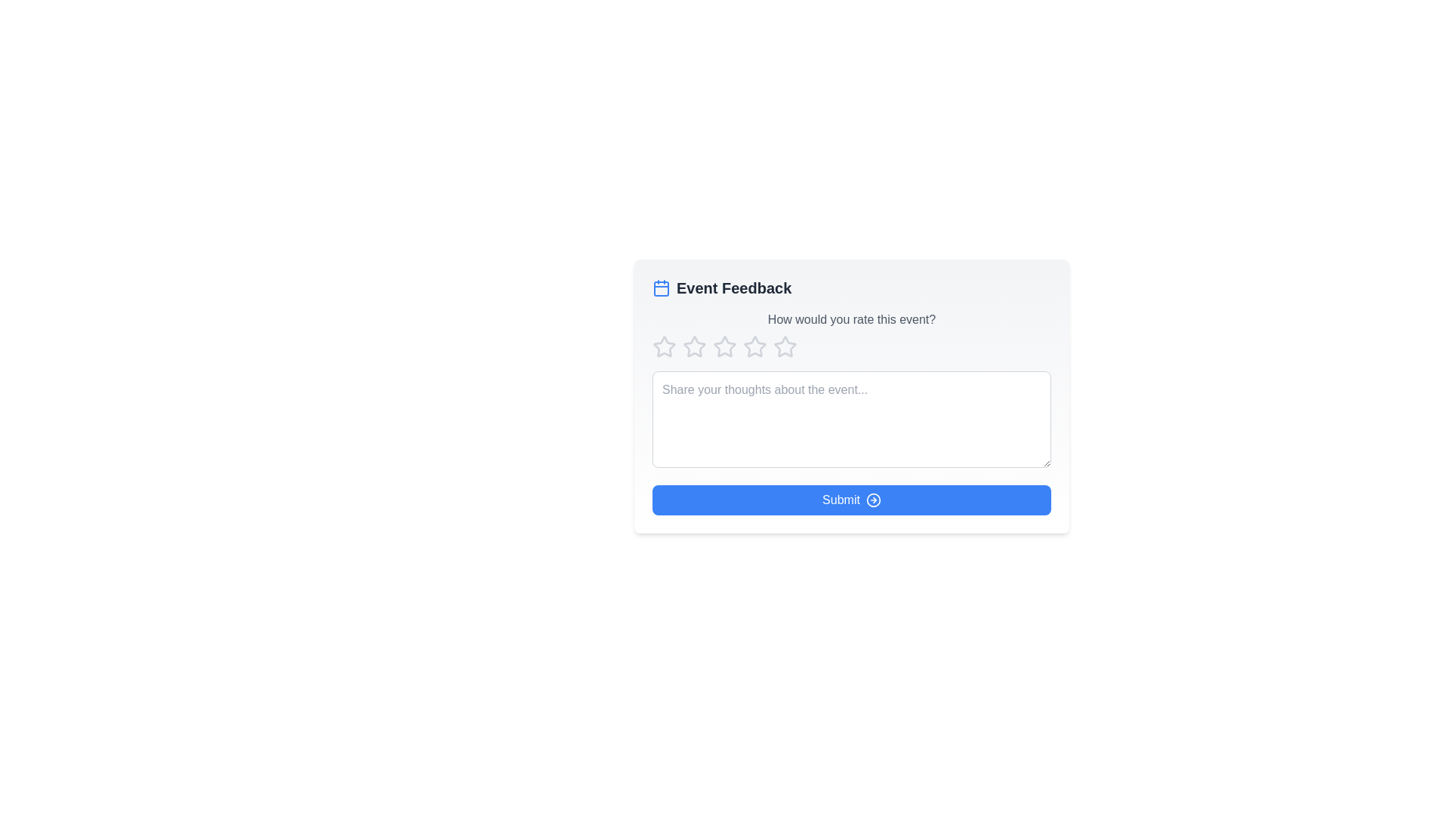 This screenshot has height=815, width=1450. Describe the element at coordinates (734, 288) in the screenshot. I see `the Text Label that serves as the title for the feedback section, located above the star rating component in the event feedback form` at that location.